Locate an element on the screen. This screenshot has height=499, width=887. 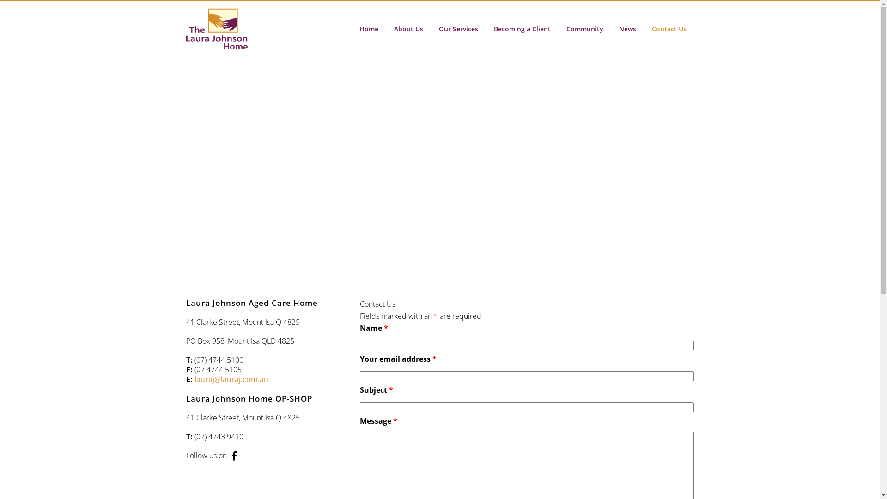
'About Us' is located at coordinates (408, 28).